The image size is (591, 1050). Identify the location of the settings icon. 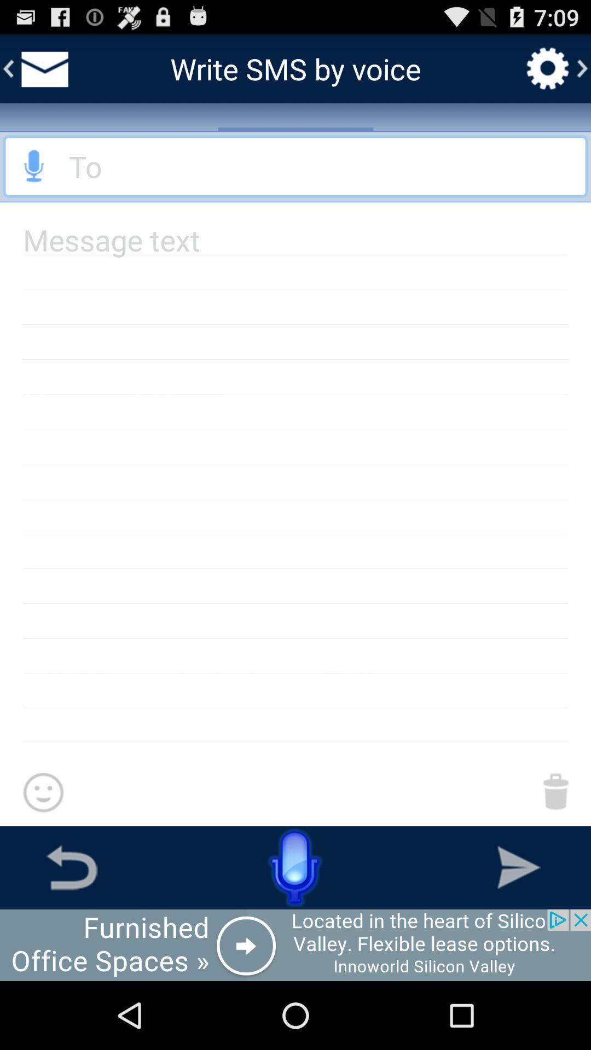
(548, 73).